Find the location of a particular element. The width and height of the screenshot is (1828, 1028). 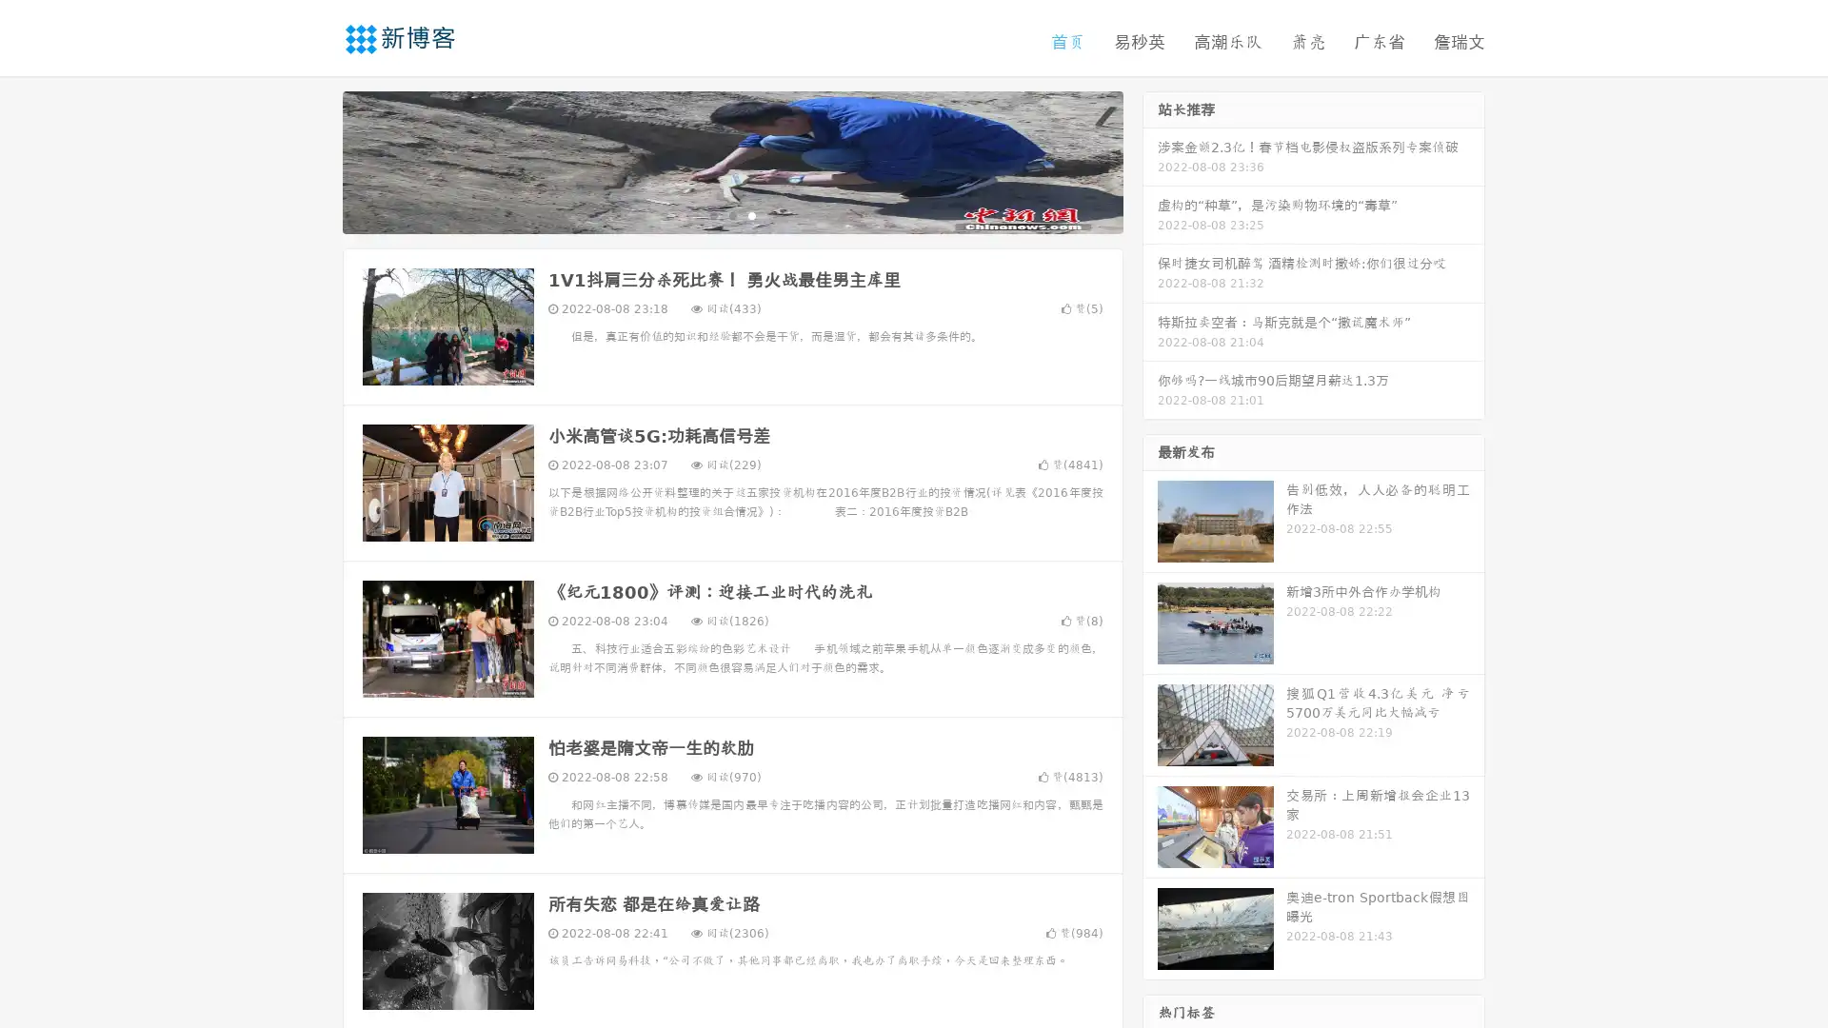

Previous slide is located at coordinates (314, 160).